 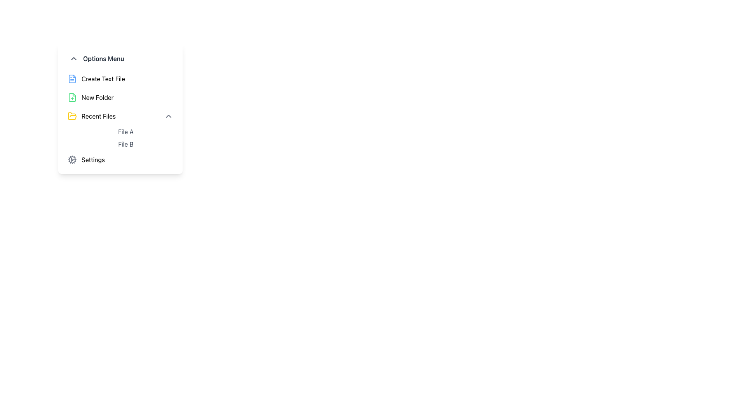 What do you see at coordinates (72, 97) in the screenshot?
I see `the 'New Folder' icon located in the main menu, positioned between 'Create Text File' and 'Recent Files'` at bounding box center [72, 97].